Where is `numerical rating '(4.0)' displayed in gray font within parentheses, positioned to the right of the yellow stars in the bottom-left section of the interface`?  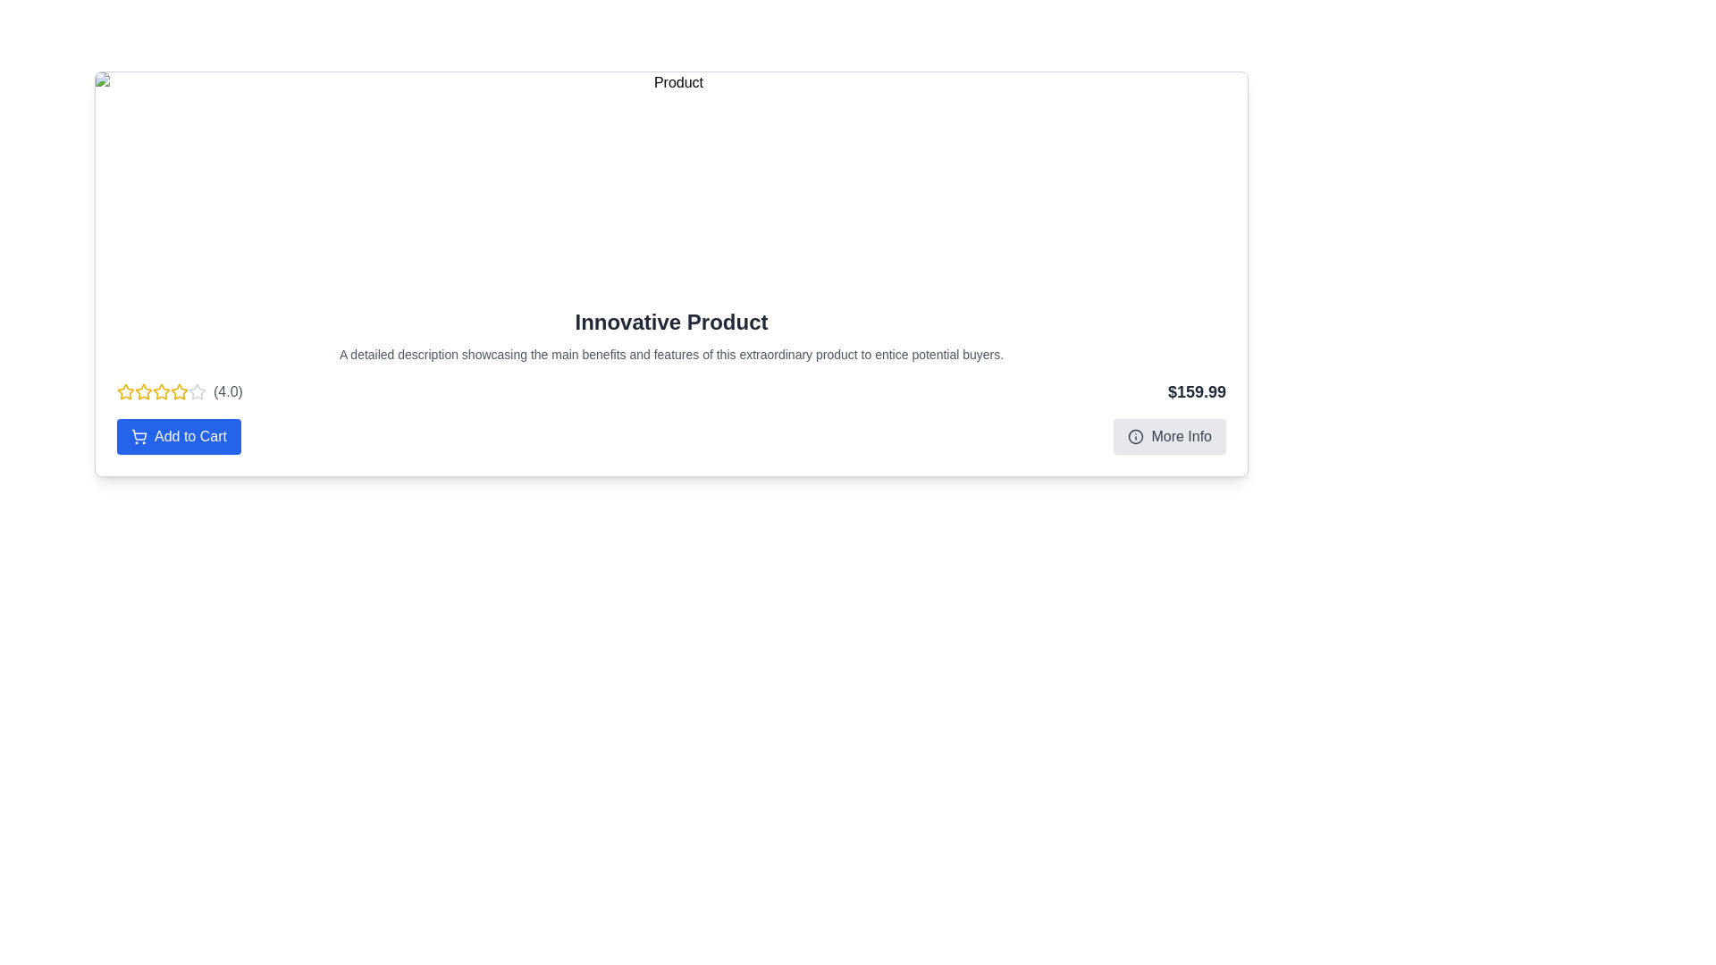
numerical rating '(4.0)' displayed in gray font within parentheses, positioned to the right of the yellow stars in the bottom-left section of the interface is located at coordinates (227, 391).